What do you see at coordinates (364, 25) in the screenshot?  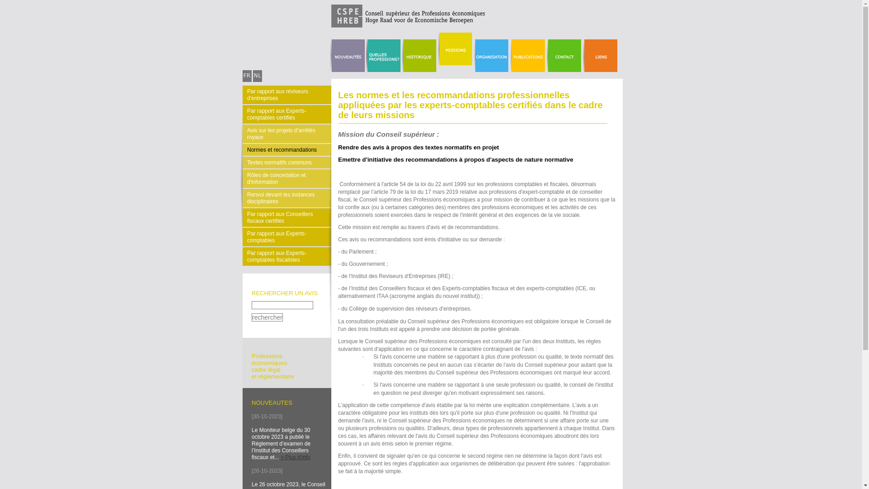 I see `'Accueil'` at bounding box center [364, 25].